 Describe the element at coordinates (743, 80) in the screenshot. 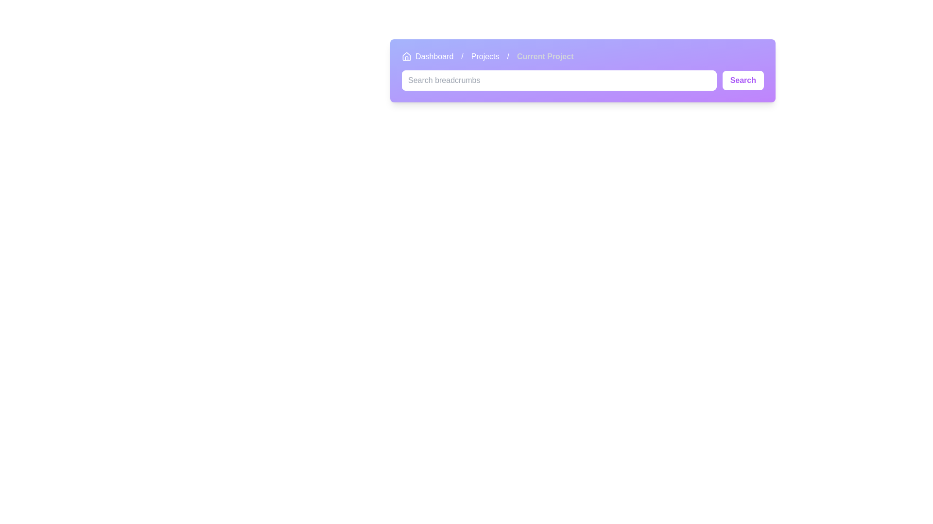

I see `the search button located to the right of the input field to change its background color` at that location.